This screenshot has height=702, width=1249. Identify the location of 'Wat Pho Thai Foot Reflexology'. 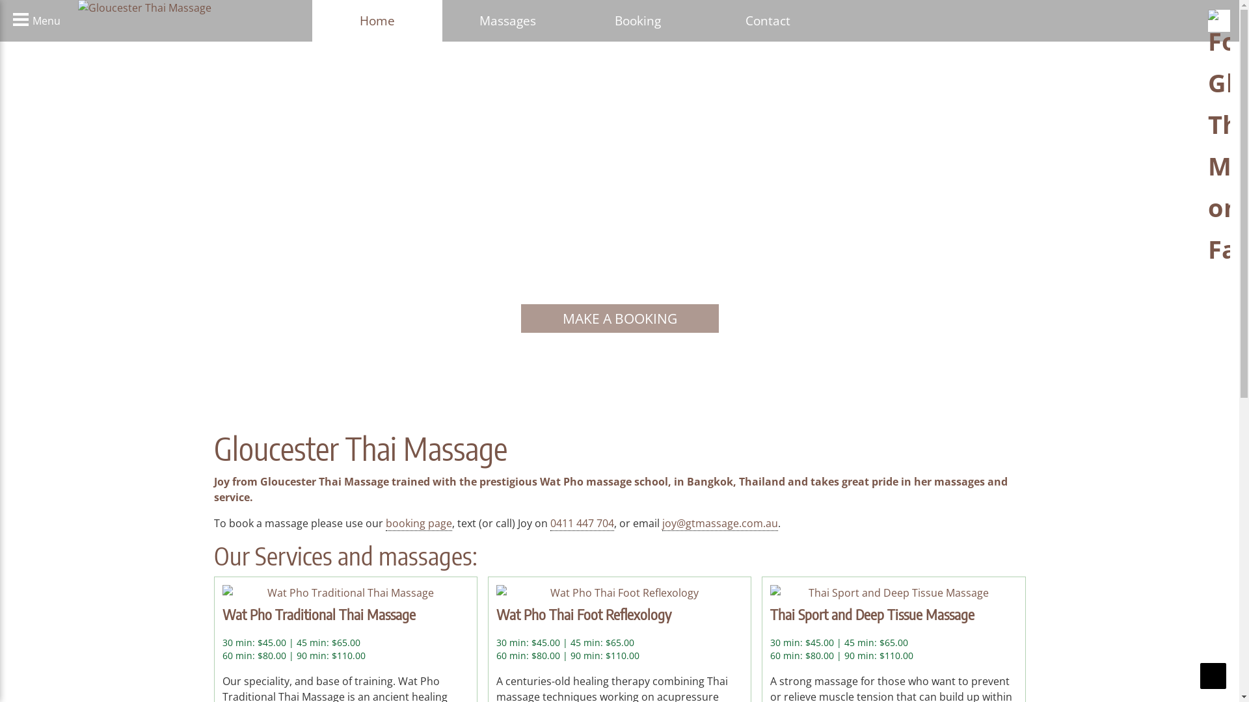
(583, 614).